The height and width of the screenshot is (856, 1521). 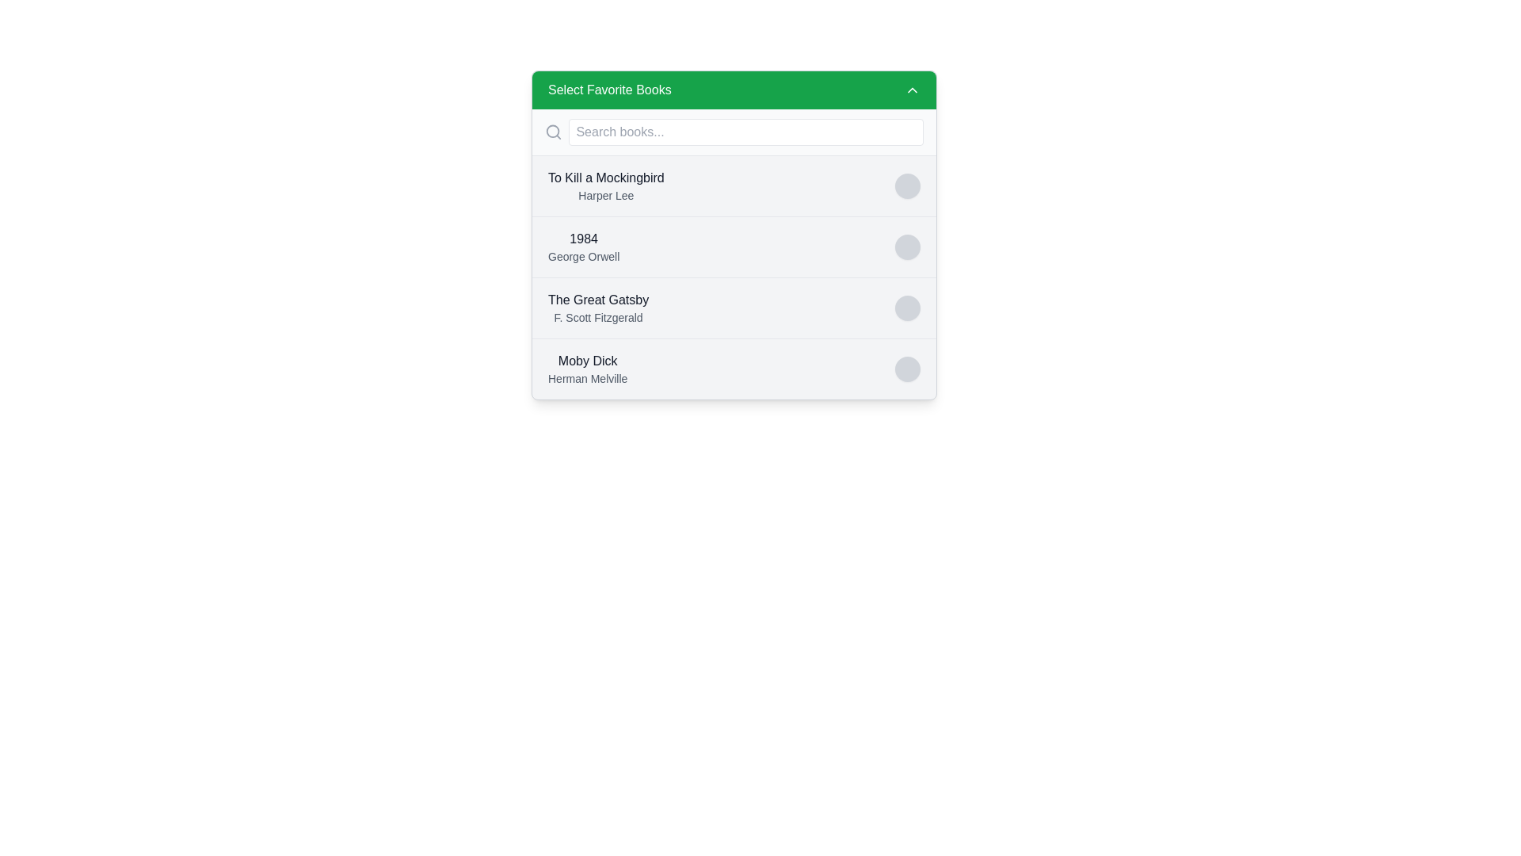 What do you see at coordinates (605, 185) in the screenshot?
I see `the text-based list item displaying 'To Kill a Mockingbird' by Harper Lee, which is the first item under the 'Select Favorite Books' section` at bounding box center [605, 185].